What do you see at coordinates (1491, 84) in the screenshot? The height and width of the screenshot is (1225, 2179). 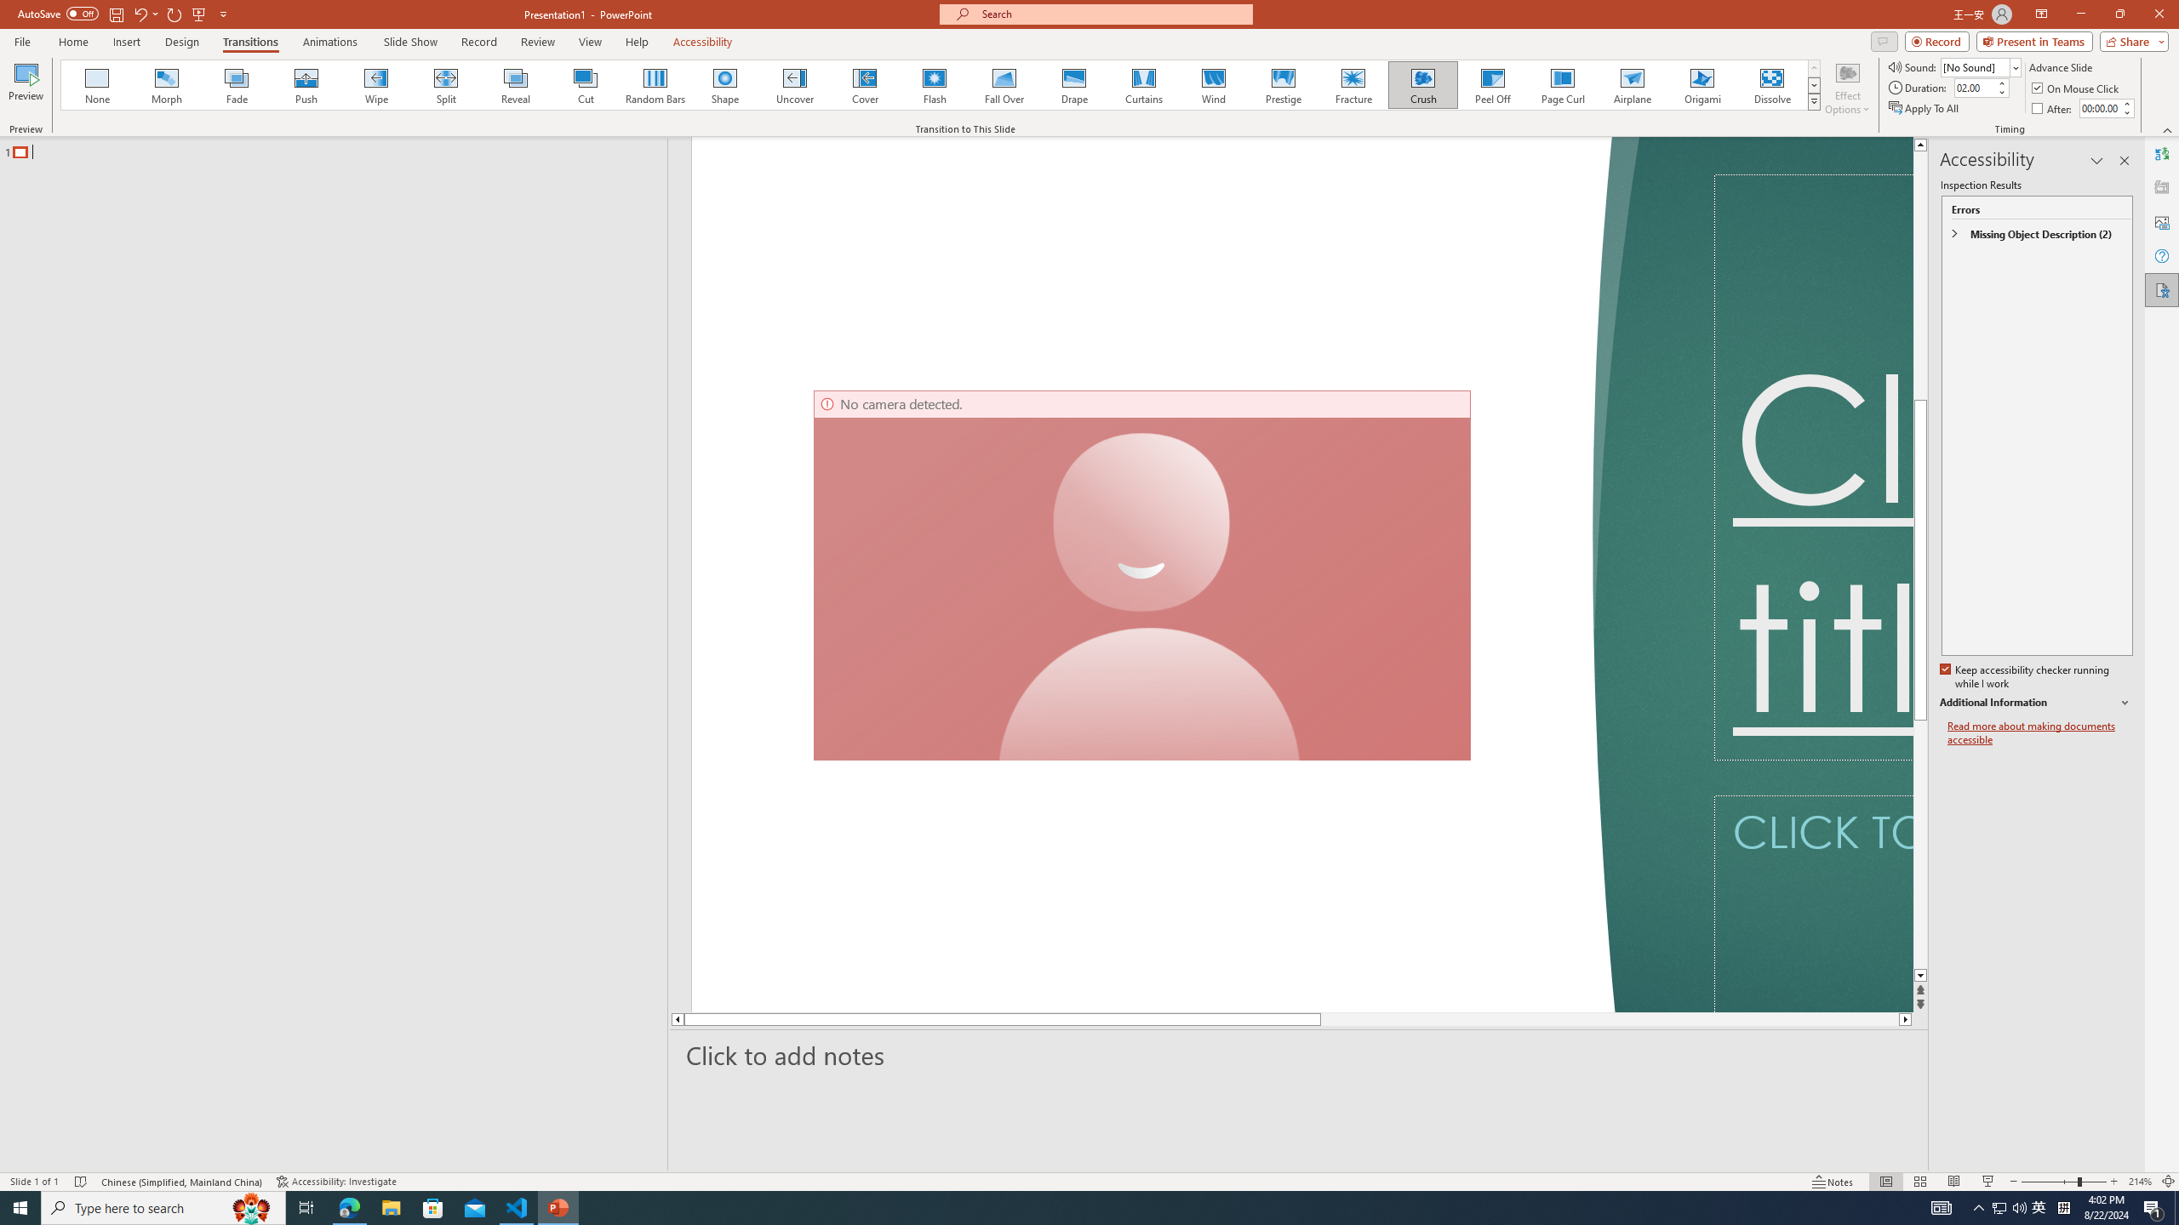 I see `'Peel Off'` at bounding box center [1491, 84].